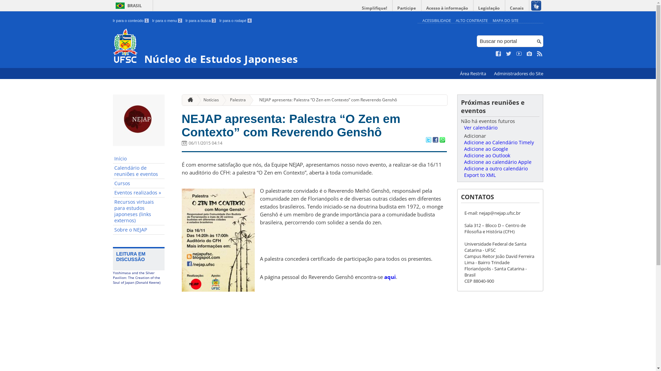 This screenshot has height=371, width=661. Describe the element at coordinates (456, 20) in the screenshot. I see `'ALTO CONTRASTE'` at that location.